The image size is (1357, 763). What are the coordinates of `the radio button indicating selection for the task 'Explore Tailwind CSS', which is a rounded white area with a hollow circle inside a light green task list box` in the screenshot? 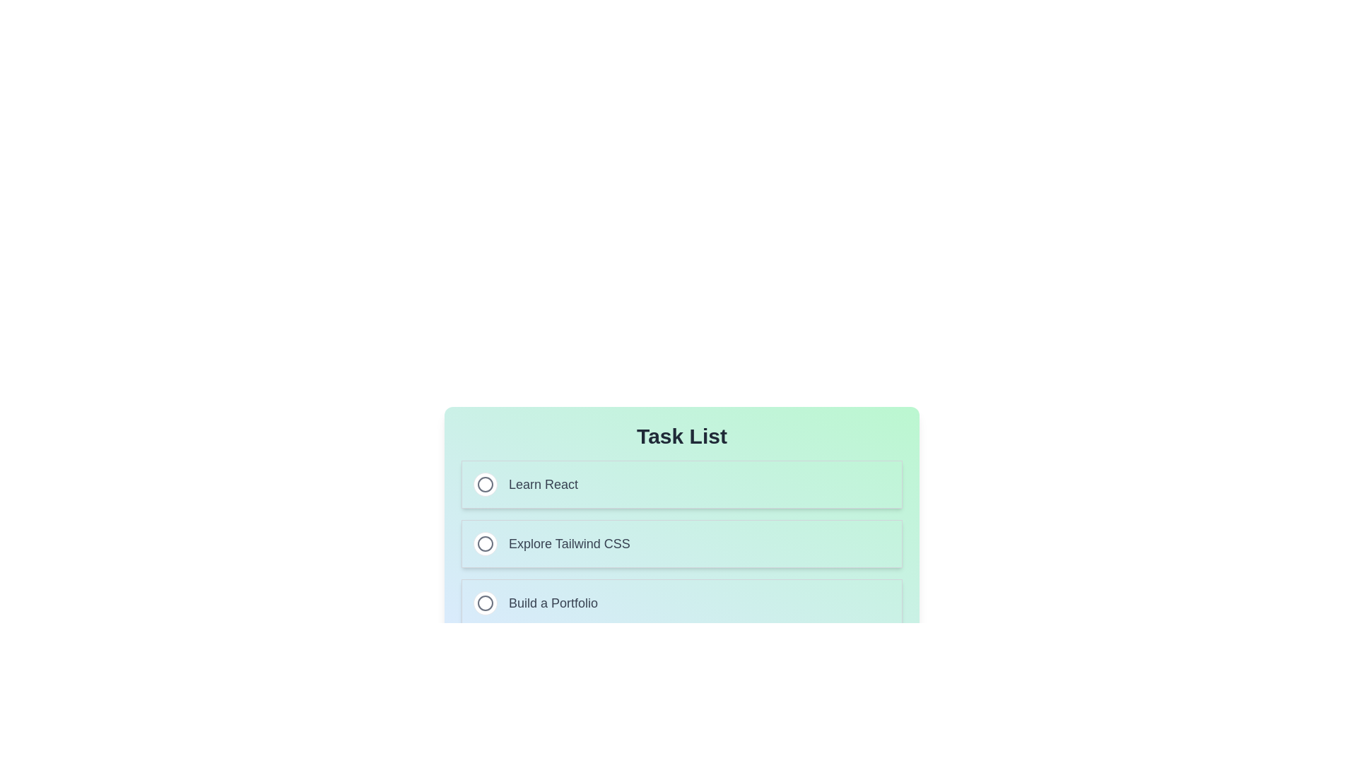 It's located at (485, 543).